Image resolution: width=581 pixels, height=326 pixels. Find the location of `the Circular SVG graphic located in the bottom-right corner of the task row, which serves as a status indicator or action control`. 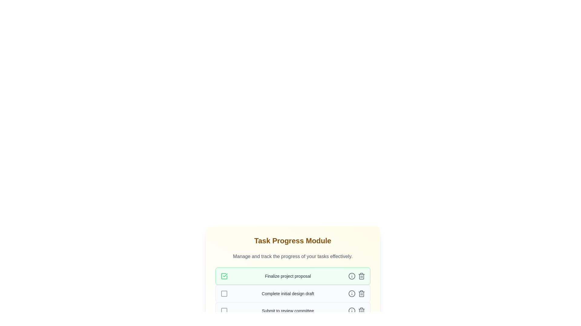

the Circular SVG graphic located in the bottom-right corner of the task row, which serves as a status indicator or action control is located at coordinates (352, 311).